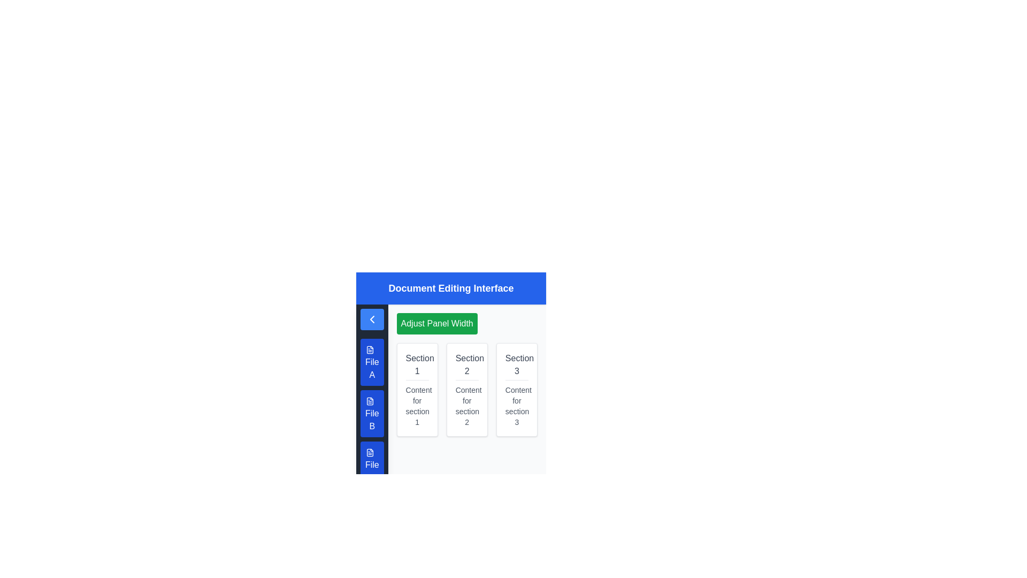  I want to click on the second button in the vertical list that accesses or interacts with 'File B', located directly below the 'File A' button, so click(372, 413).